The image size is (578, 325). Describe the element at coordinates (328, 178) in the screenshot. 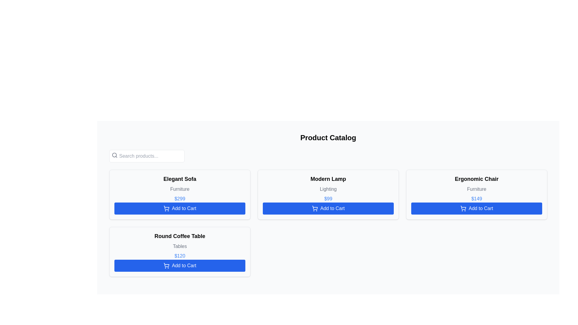

I see `the text of the 'Modern Lamp' product title at the top center of the card for copying or referencing` at that location.